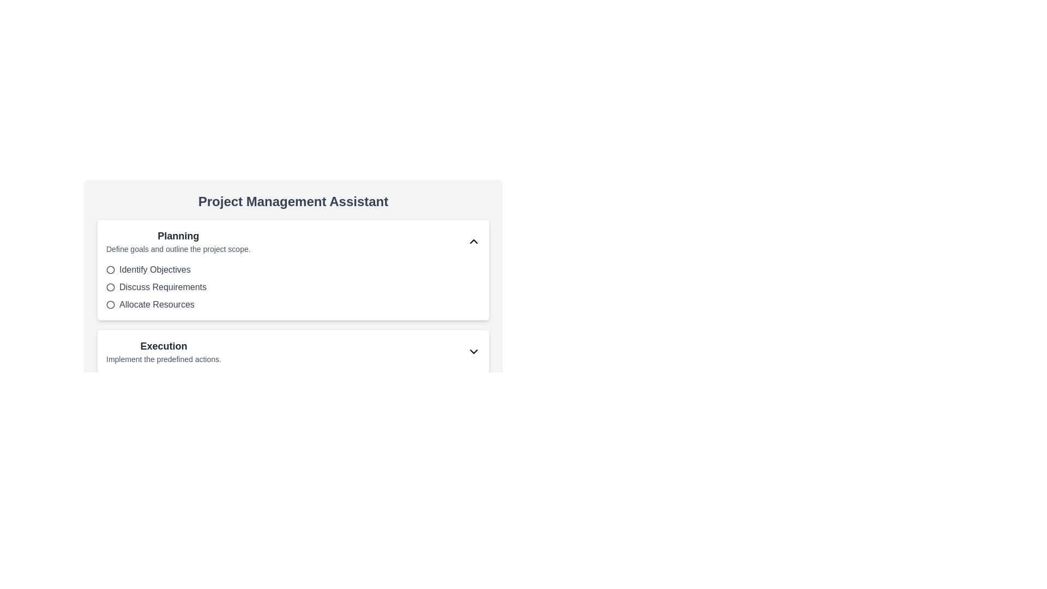 This screenshot has width=1047, height=589. What do you see at coordinates (178, 249) in the screenshot?
I see `the text label displaying 'Define goals and outline the project scope.' located below the 'Planning' header in the Planning section` at bounding box center [178, 249].